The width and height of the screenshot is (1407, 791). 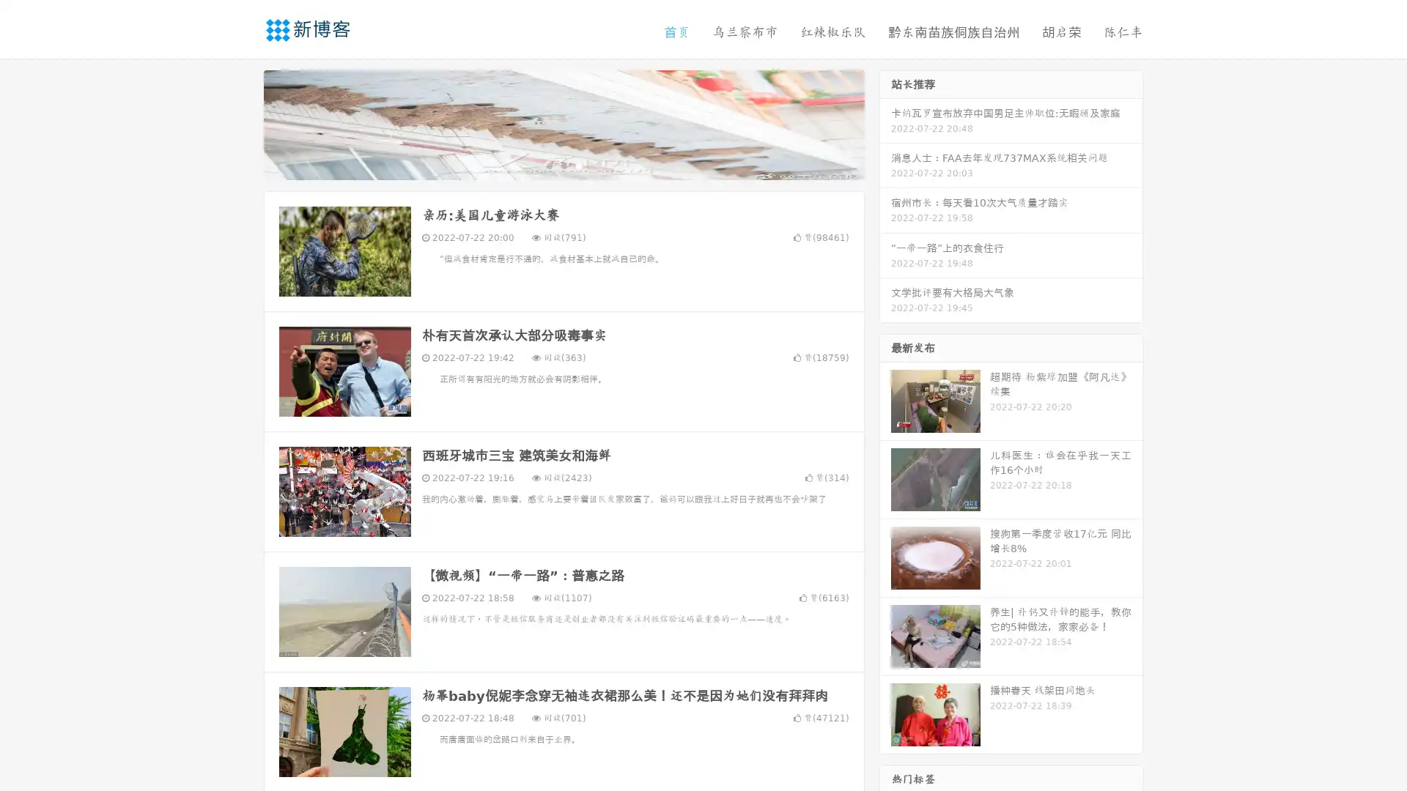 I want to click on Previous slide, so click(x=242, y=123).